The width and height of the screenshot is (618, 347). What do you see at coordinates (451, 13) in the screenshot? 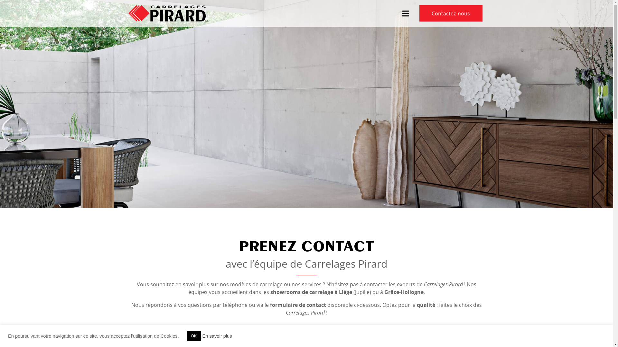
I see `'Contactez-nous'` at bounding box center [451, 13].